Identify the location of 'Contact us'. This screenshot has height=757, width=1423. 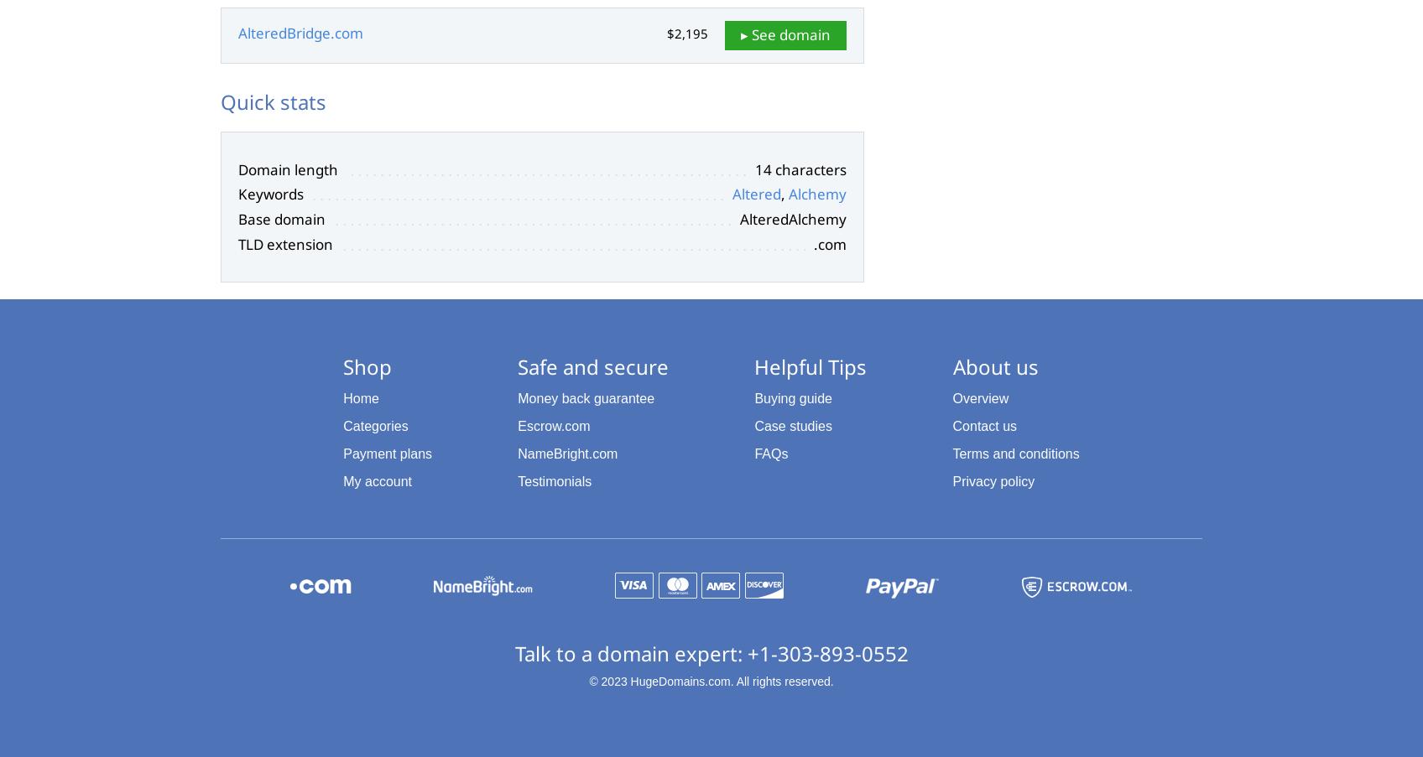
(984, 426).